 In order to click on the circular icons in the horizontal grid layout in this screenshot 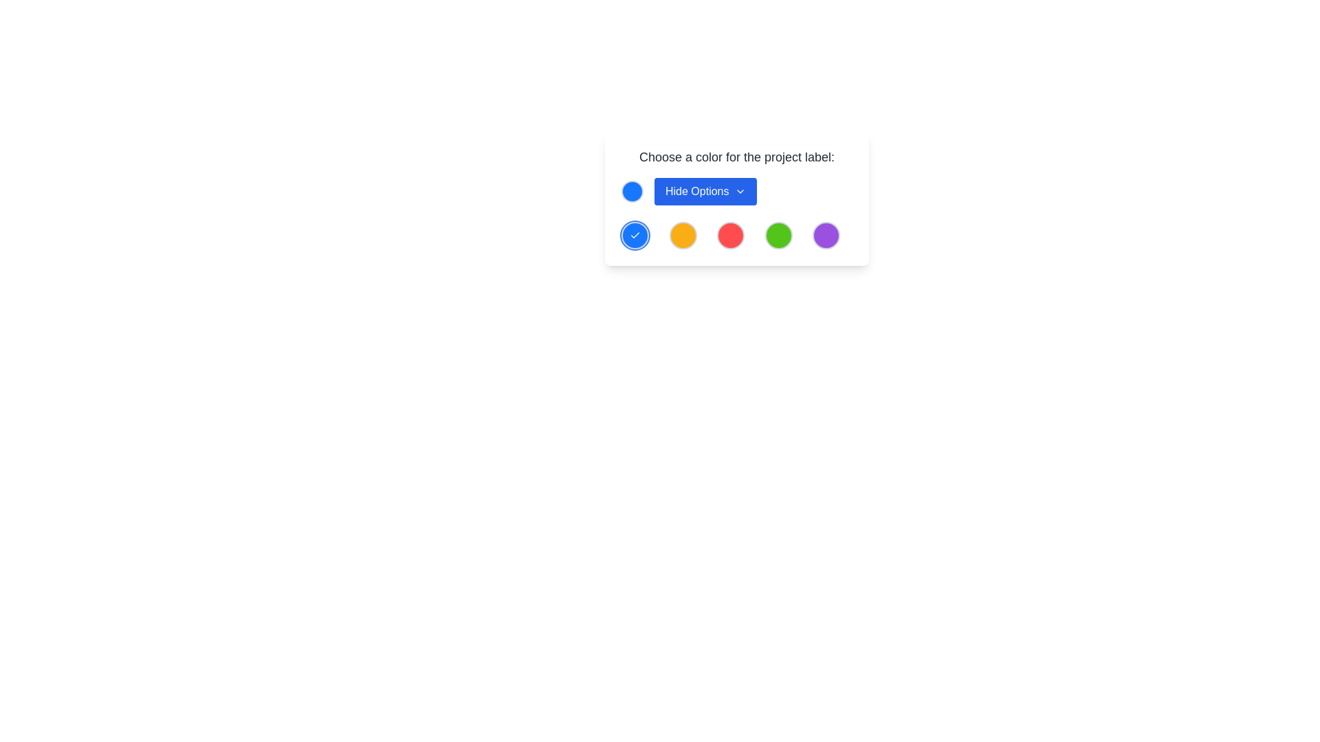, I will do `click(736, 235)`.